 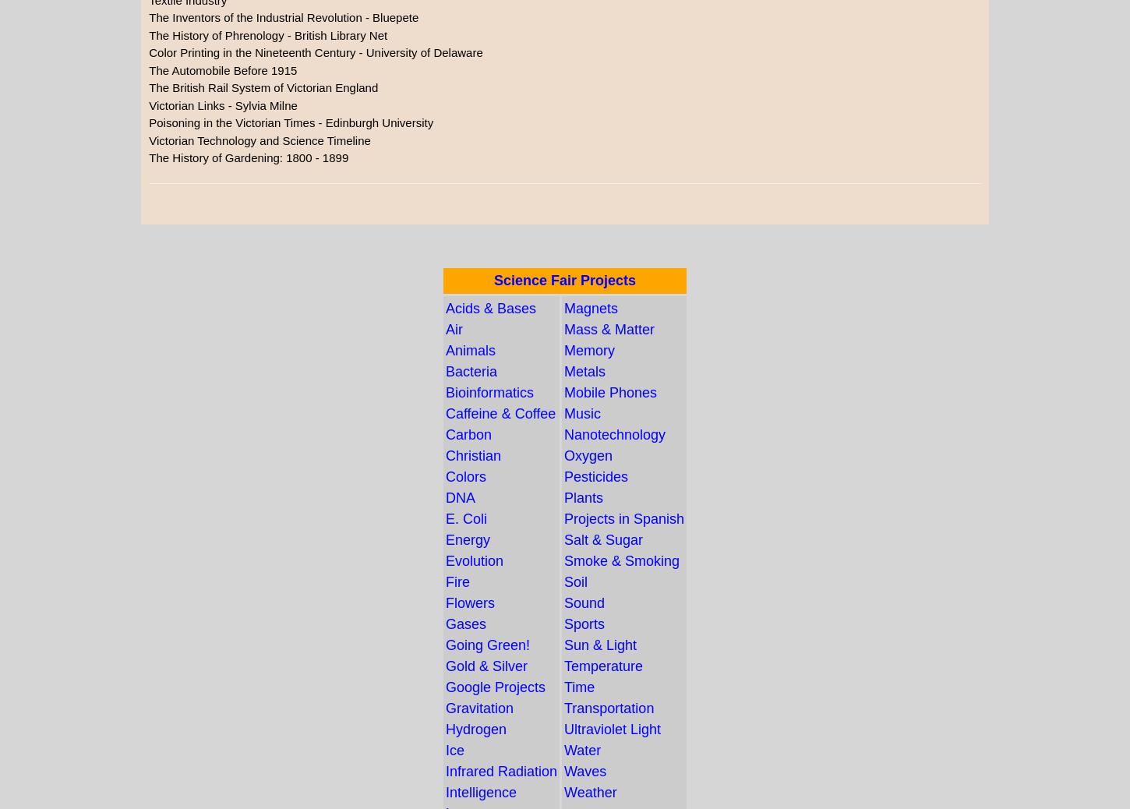 I want to click on 'Ice', so click(x=454, y=750).